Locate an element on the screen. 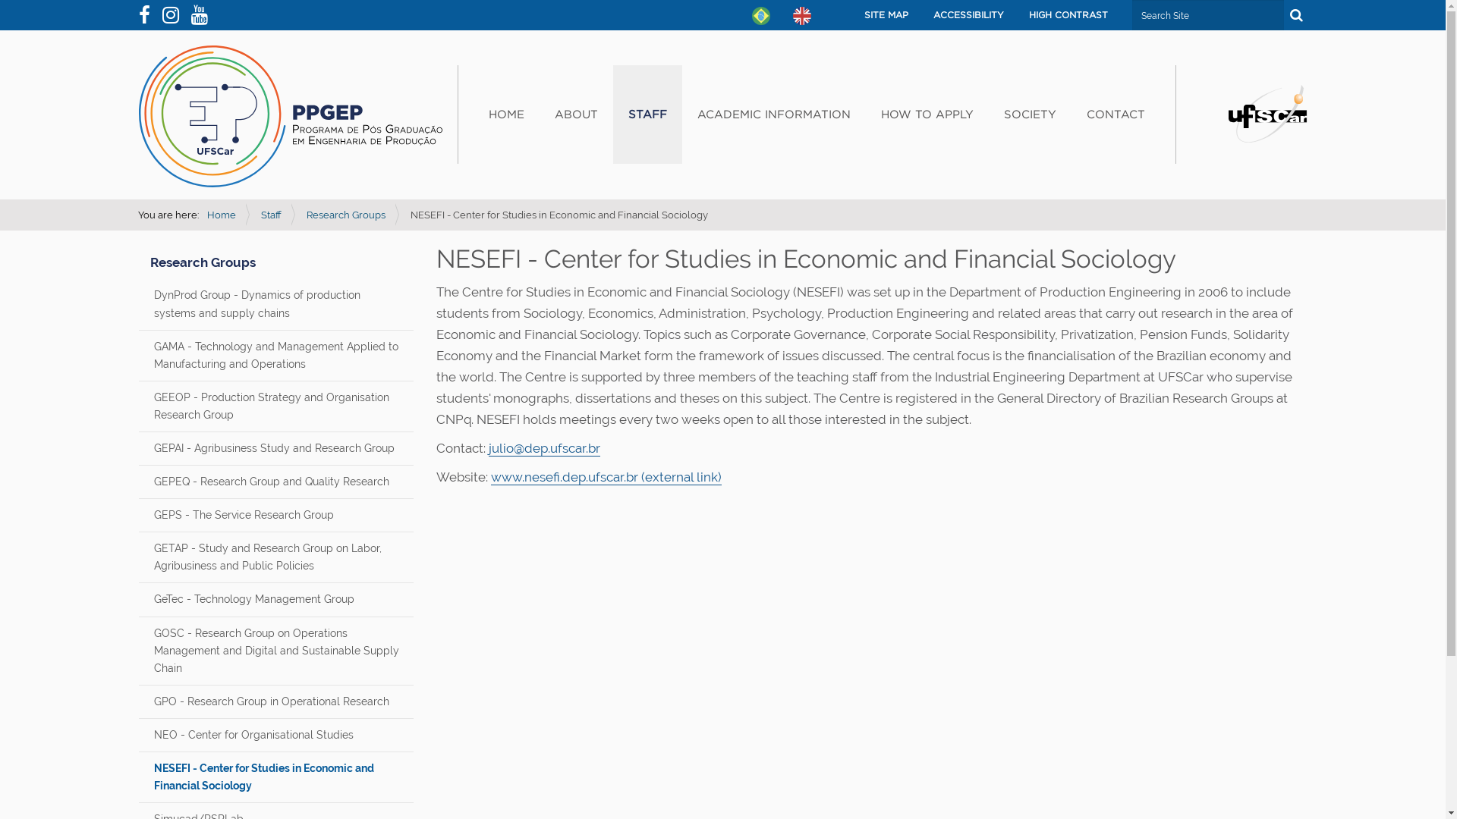 This screenshot has height=819, width=1457. 'ACCESSIBILITY' is located at coordinates (932, 14).